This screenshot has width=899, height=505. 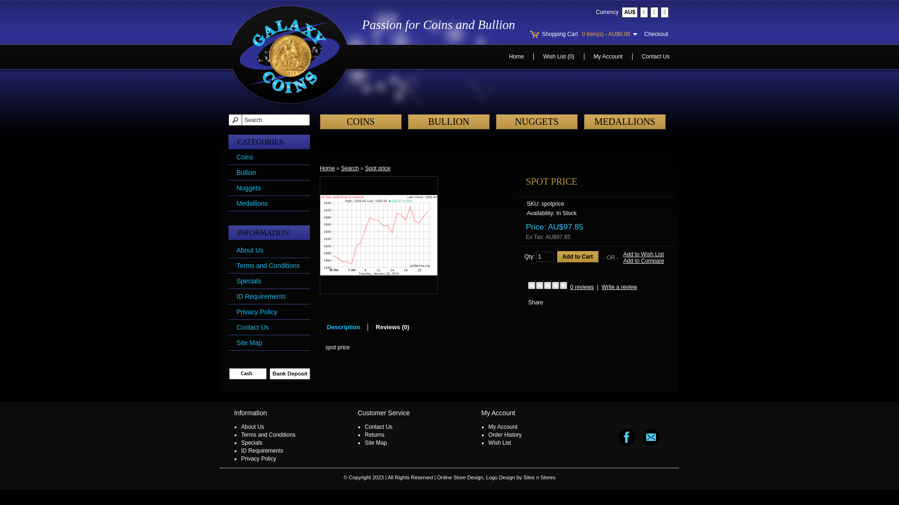 What do you see at coordinates (619, 286) in the screenshot?
I see `'Write a review'` at bounding box center [619, 286].